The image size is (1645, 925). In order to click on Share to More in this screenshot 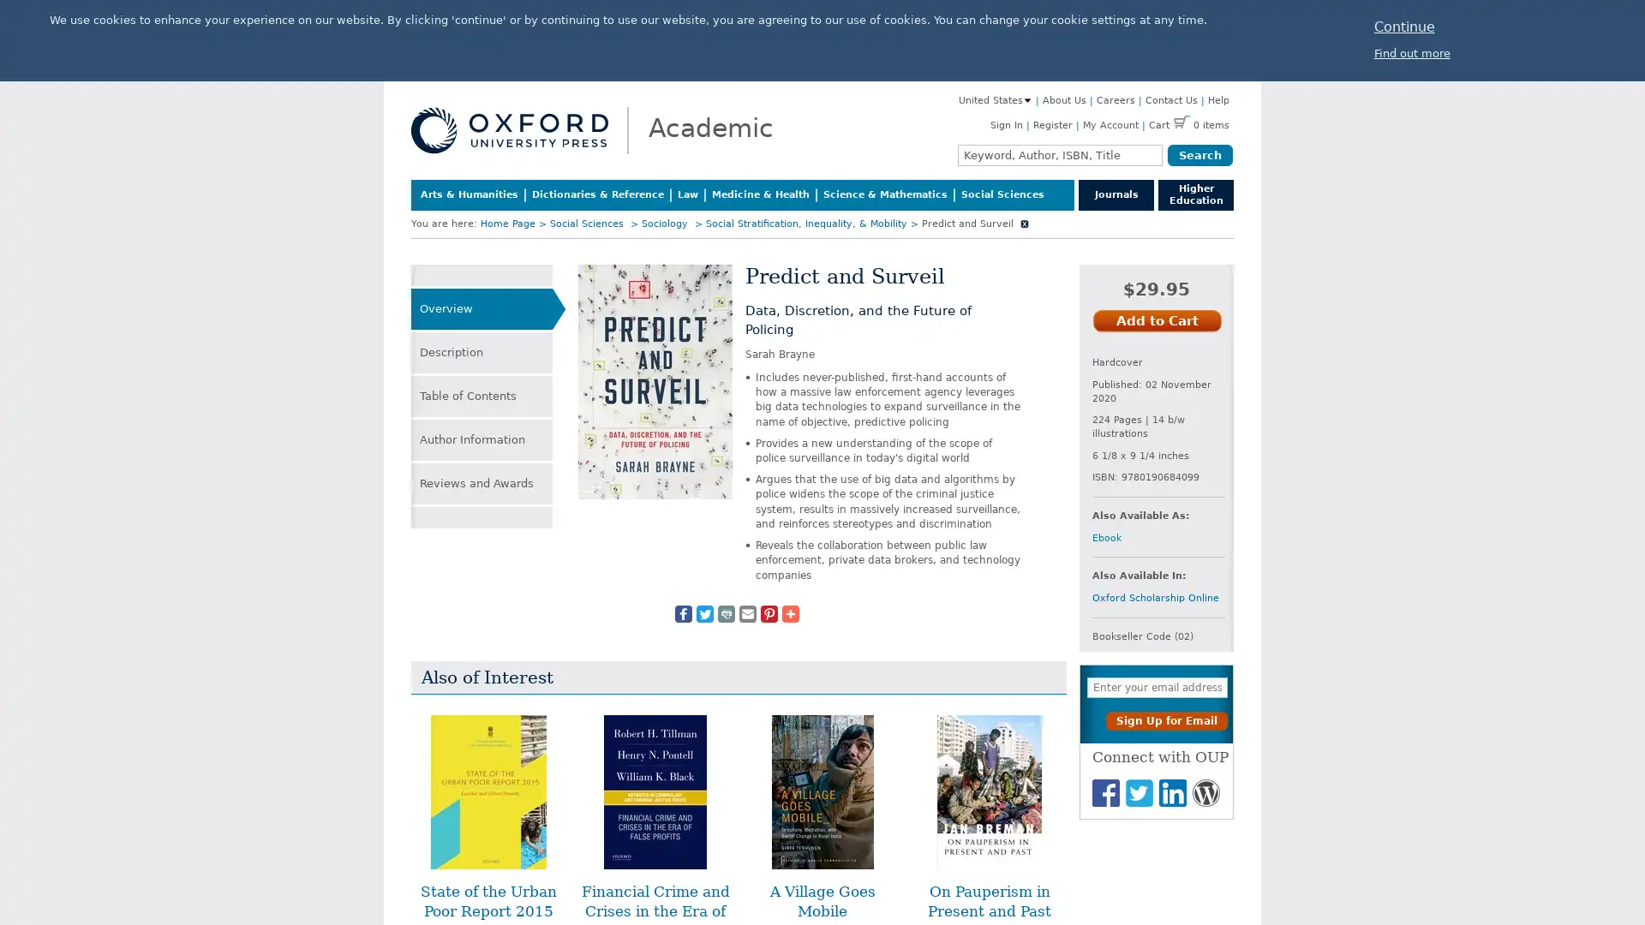, I will do `click(788, 612)`.